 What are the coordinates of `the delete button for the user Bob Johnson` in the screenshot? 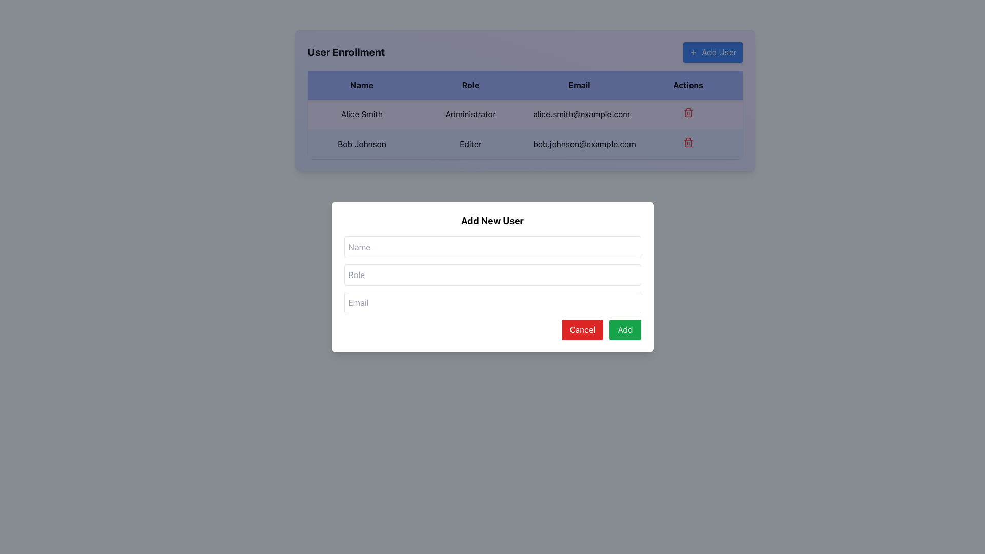 It's located at (688, 142).